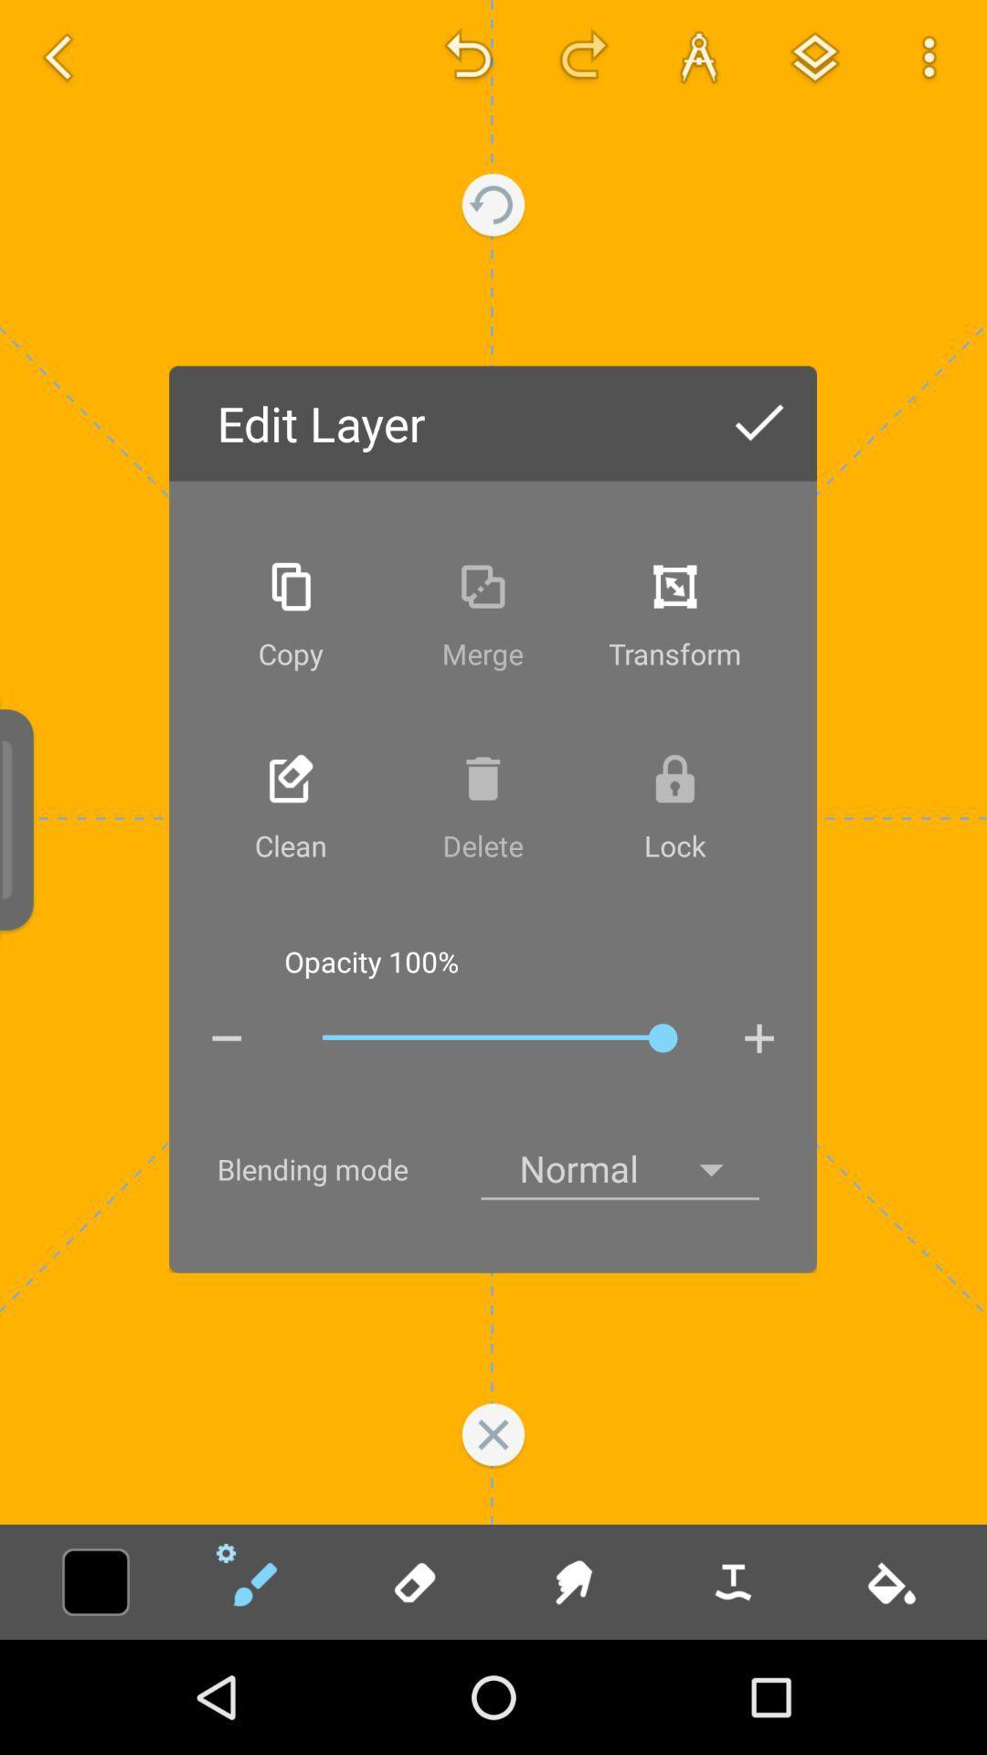 The image size is (987, 1755). I want to click on the redo icon, so click(584, 57).